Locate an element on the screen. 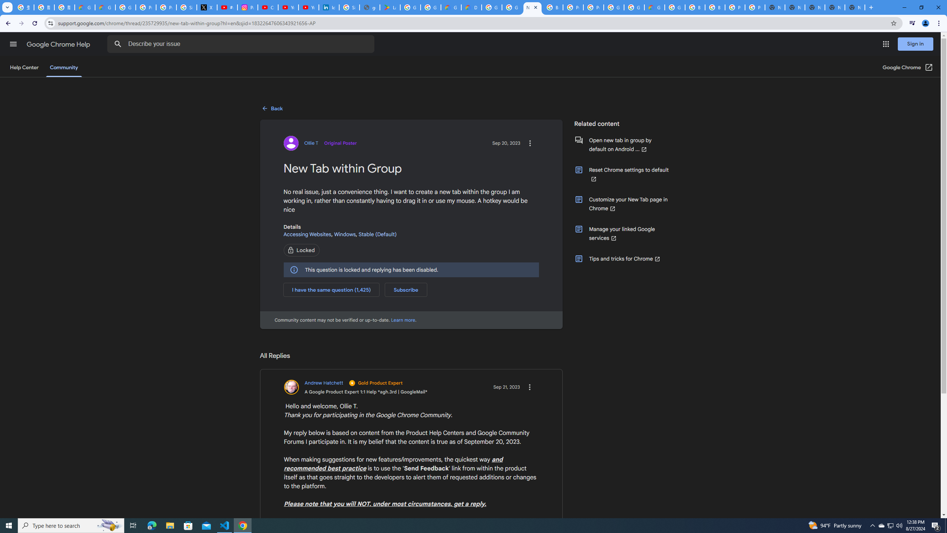 Image resolution: width=947 pixels, height=533 pixels. 'Google Cloud Privacy Notice' is located at coordinates (84, 7).